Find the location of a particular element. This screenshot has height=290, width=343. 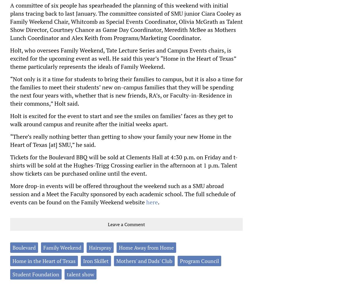

'Program Council' is located at coordinates (180, 261).